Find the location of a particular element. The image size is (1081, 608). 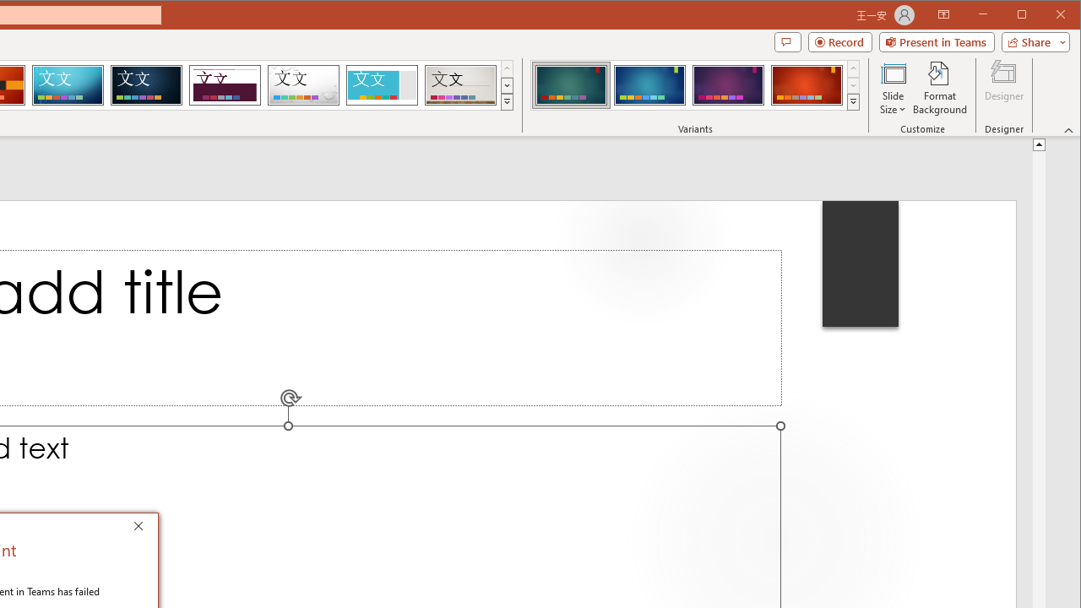

'Droplet' is located at coordinates (303, 84).